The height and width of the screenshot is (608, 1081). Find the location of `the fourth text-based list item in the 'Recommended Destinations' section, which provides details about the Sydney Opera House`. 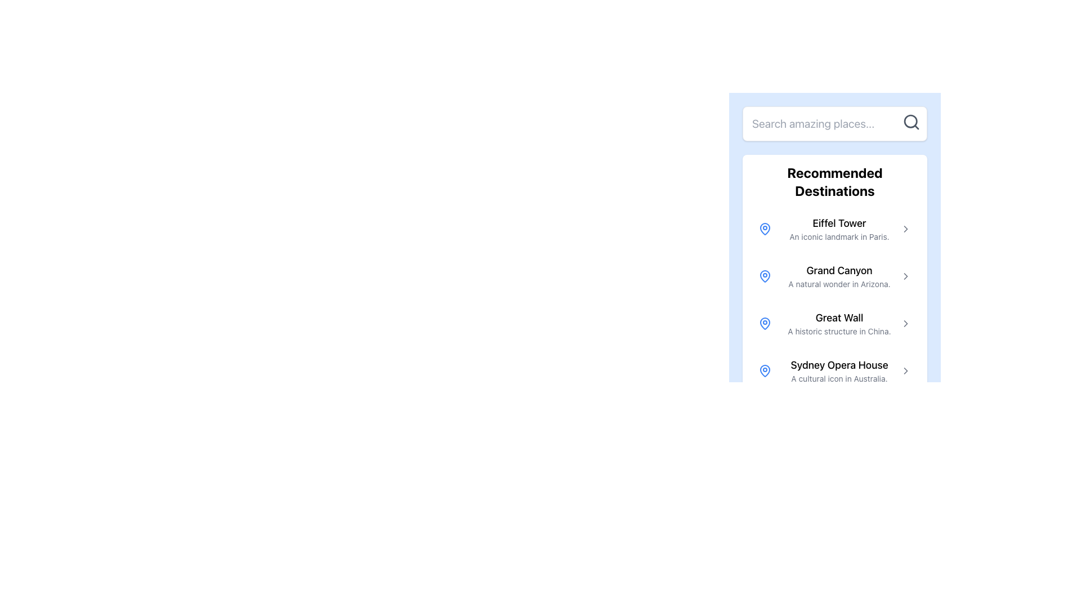

the fourth text-based list item in the 'Recommended Destinations' section, which provides details about the Sydney Opera House is located at coordinates (839, 371).